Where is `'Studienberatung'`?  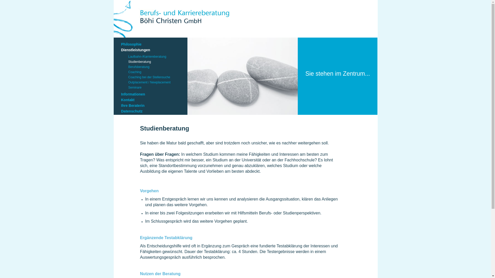 'Studienberatung' is located at coordinates (127, 61).